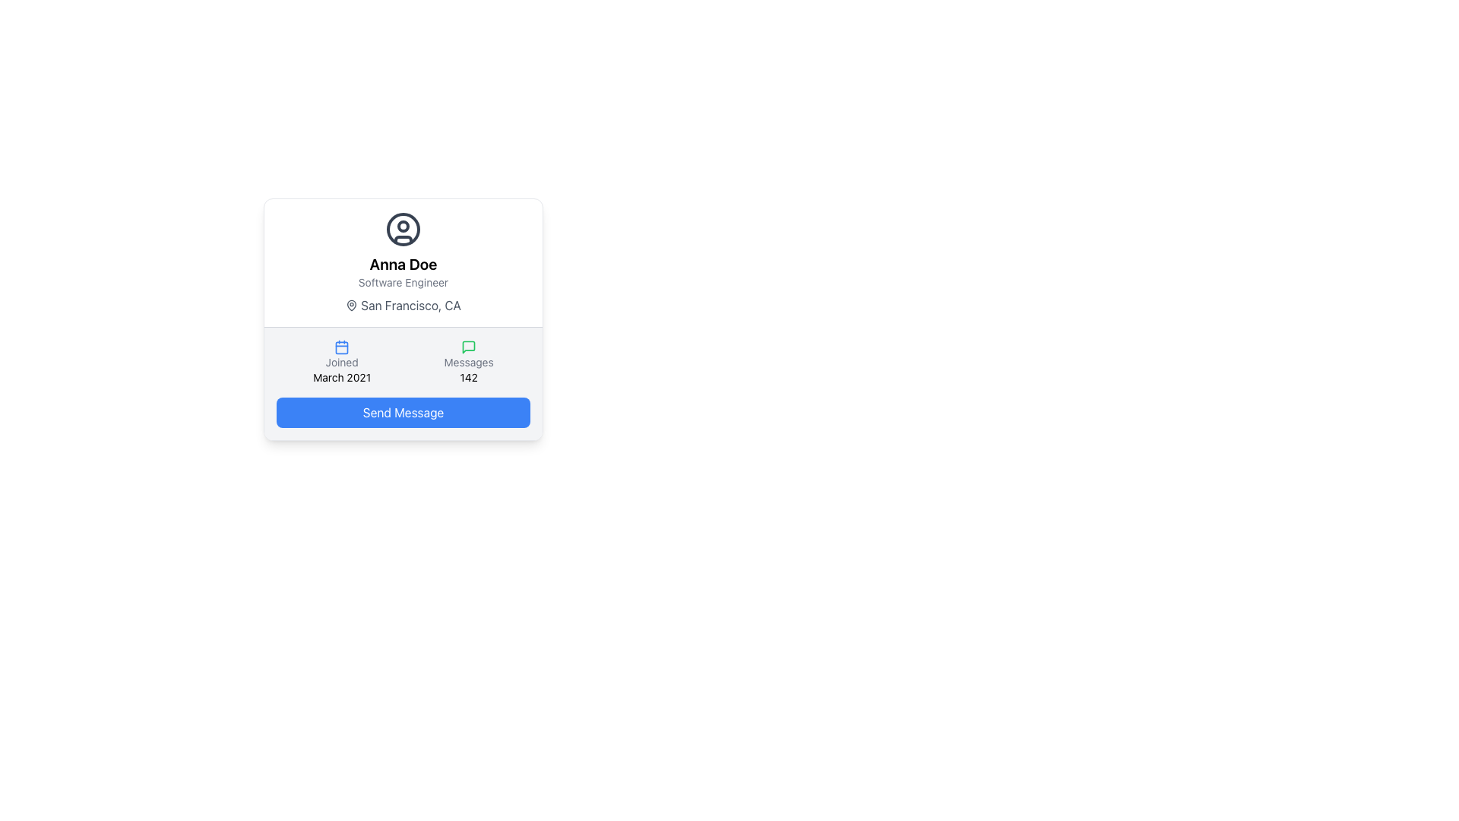  What do you see at coordinates (404, 305) in the screenshot?
I see `the third text label in the user profile card that indicates the user's location, positioned below 'Software Engineer' and above 'Joined' and 'Messages'` at bounding box center [404, 305].